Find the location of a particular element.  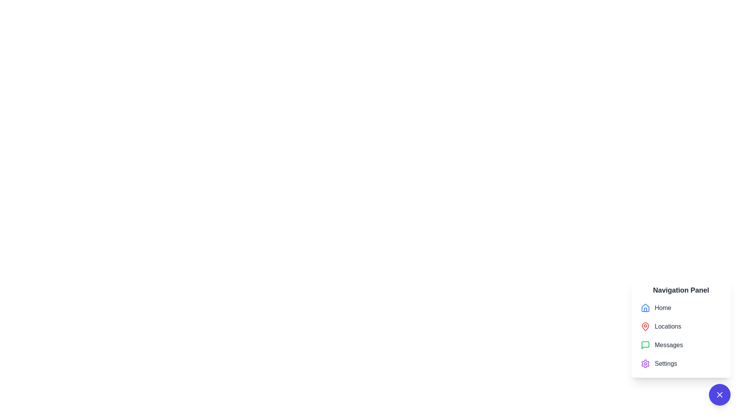

the close icon, which is a small circular button with an 'X' shape in white lines against a blue background, located at the bottom-right corner of the interface is located at coordinates (719, 394).